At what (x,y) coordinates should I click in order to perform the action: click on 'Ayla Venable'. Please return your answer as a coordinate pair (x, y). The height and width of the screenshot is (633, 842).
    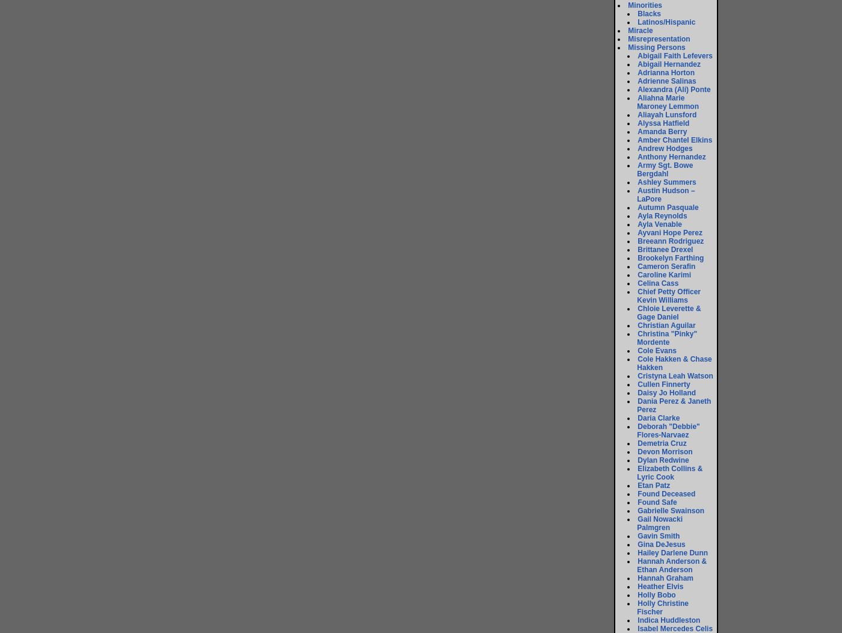
    Looking at the image, I should click on (659, 224).